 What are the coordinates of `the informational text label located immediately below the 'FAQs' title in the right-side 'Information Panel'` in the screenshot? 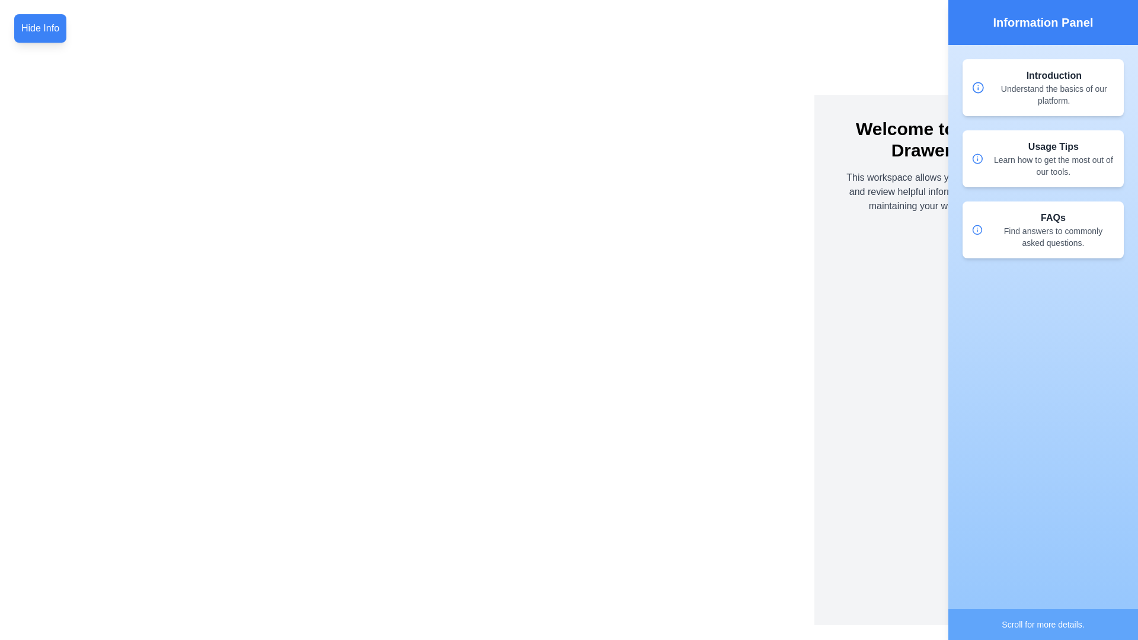 It's located at (1053, 237).